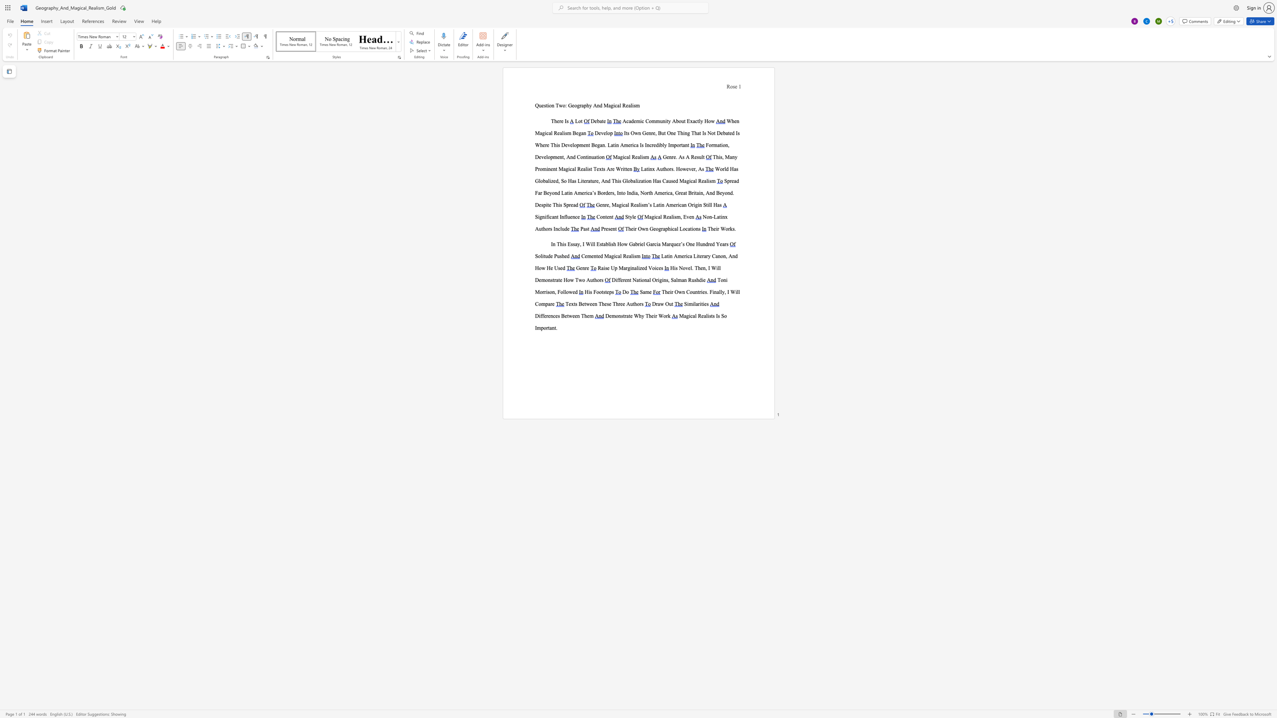  Describe the element at coordinates (576, 217) in the screenshot. I see `the 2th character "c" in the text` at that location.